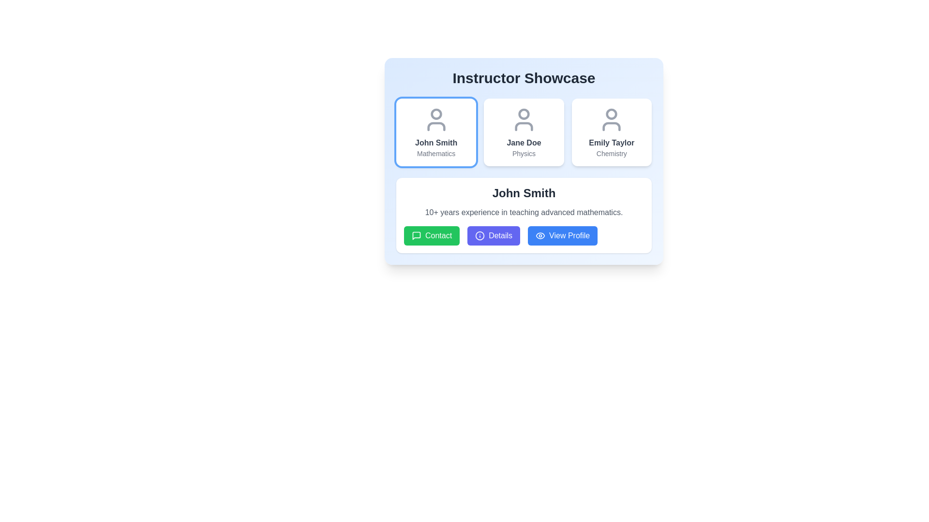 The height and width of the screenshot is (522, 929). What do you see at coordinates (611, 119) in the screenshot?
I see `the icon representing the user Emily Taylor in the Instructor Showcase section, located above the text 'Emily Taylor' and 'Chemistry'` at bounding box center [611, 119].